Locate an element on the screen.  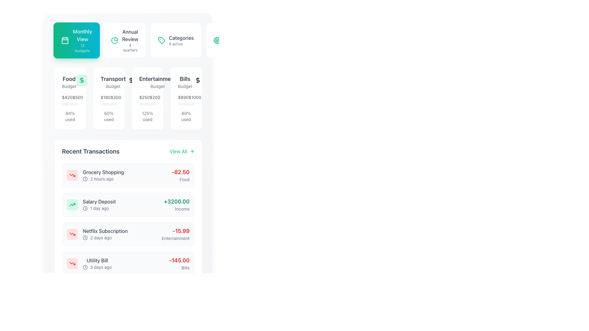
the 'View All' text label, which is styled in green and is located in the upper-right of the 'Recent Transactions' section, to trigger a tooltip or styling change is located at coordinates (178, 151).